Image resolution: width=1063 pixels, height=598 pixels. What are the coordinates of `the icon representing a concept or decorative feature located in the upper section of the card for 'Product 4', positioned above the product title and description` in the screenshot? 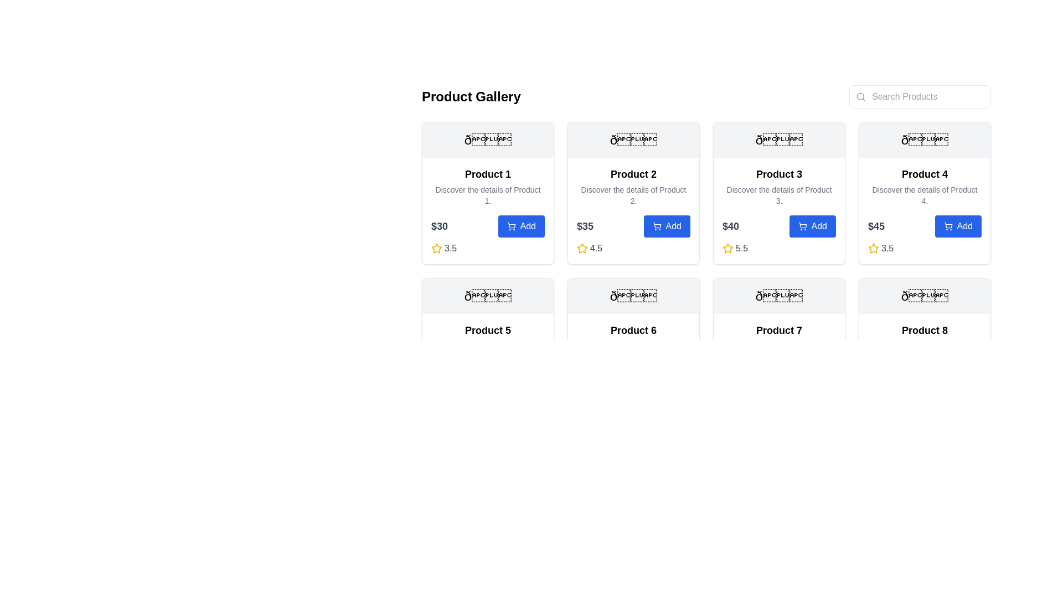 It's located at (925, 140).